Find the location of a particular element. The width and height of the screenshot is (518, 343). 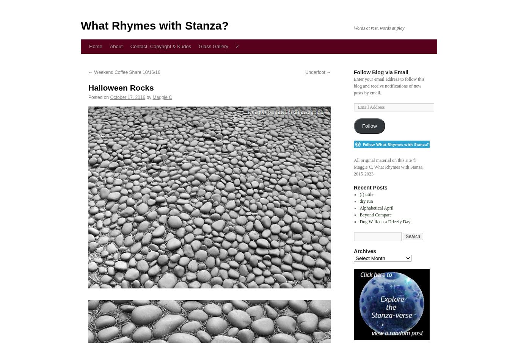

'All original material on this site © Maggie C, What Rhymes with Stanza, 2015-2023' is located at coordinates (353, 167).